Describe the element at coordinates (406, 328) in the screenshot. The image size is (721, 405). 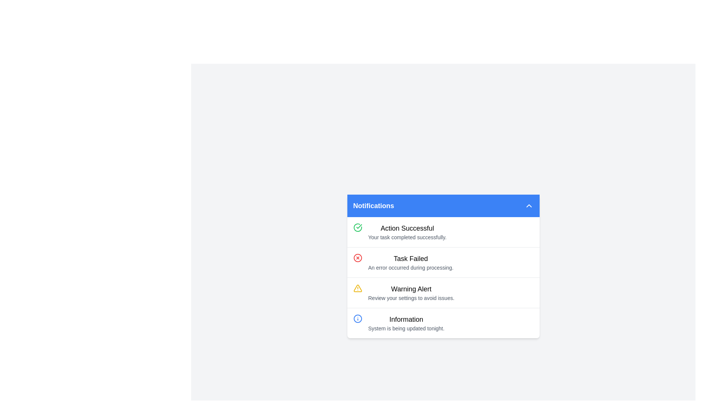
I see `the text label displaying 'System is being updated tonight.' within the notification panel under the title 'Information.'` at that location.